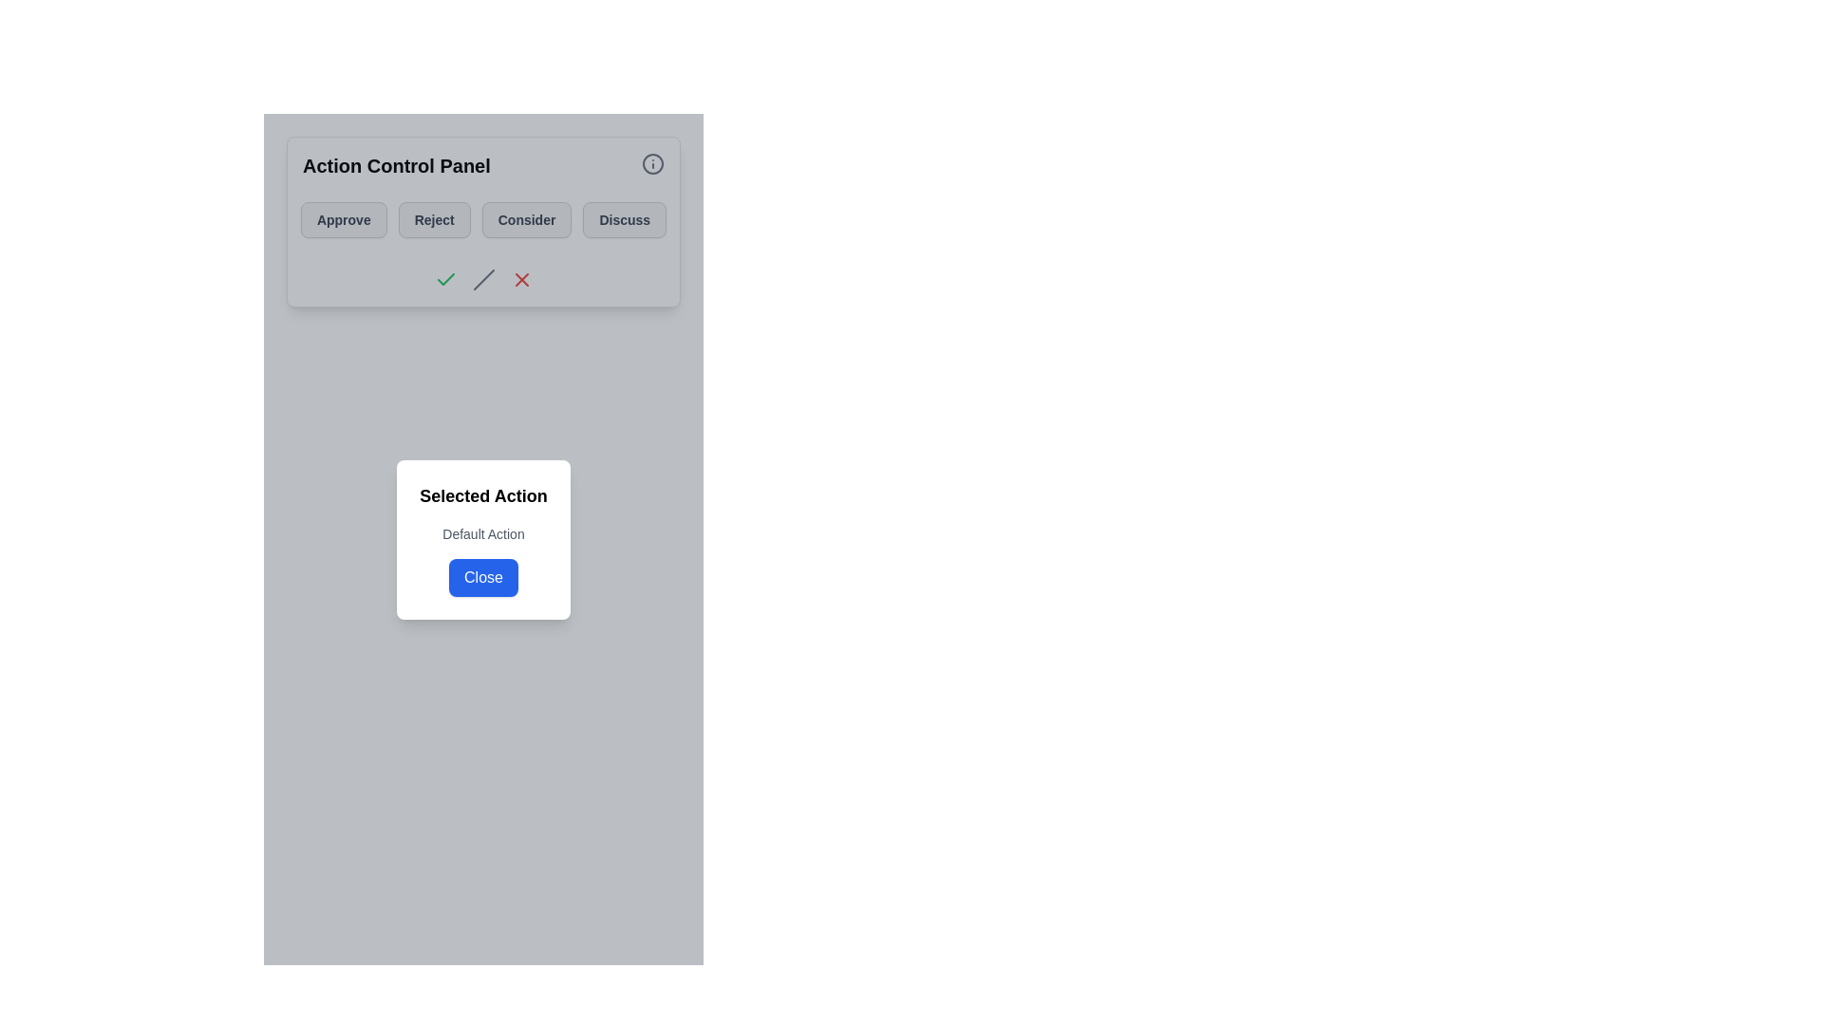  What do you see at coordinates (652, 163) in the screenshot?
I see `the information or help icon located at the far right of the 'Action Control Panel' header` at bounding box center [652, 163].